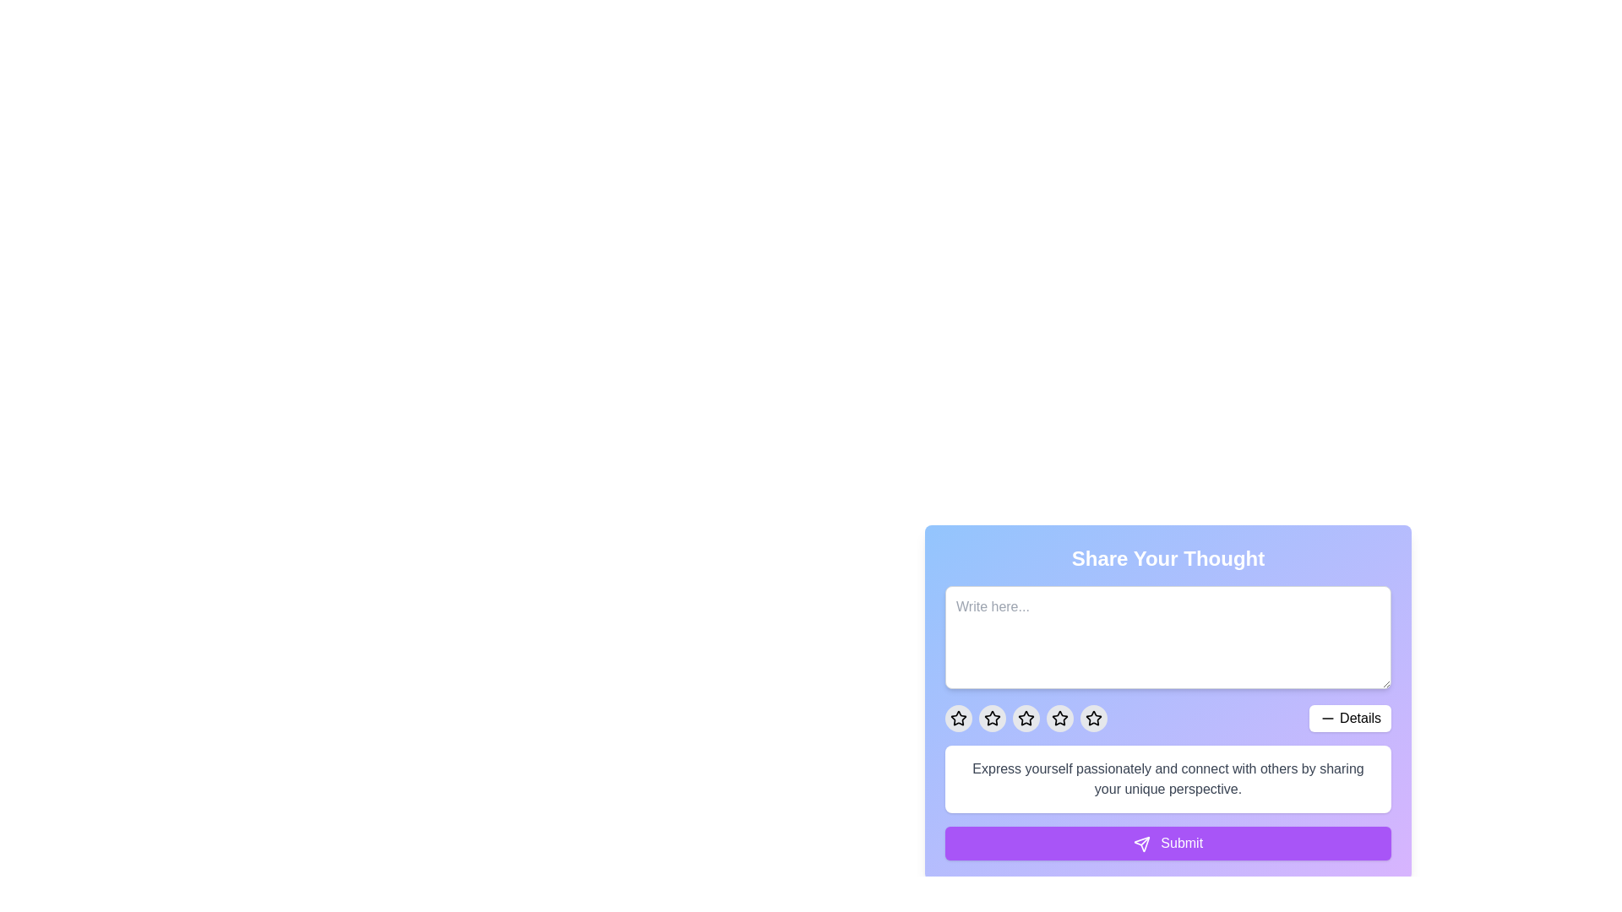 The image size is (1622, 912). Describe the element at coordinates (1094, 719) in the screenshot. I see `the fifth rating star in the feedback form labeled 'Share Your Thought'` at that location.